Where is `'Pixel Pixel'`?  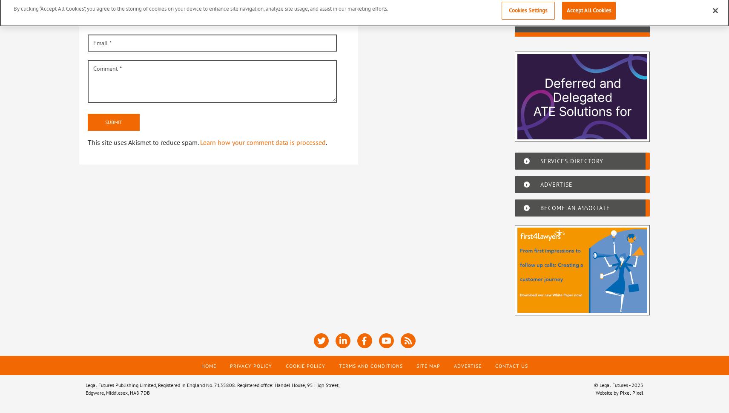 'Pixel Pixel' is located at coordinates (631, 392).